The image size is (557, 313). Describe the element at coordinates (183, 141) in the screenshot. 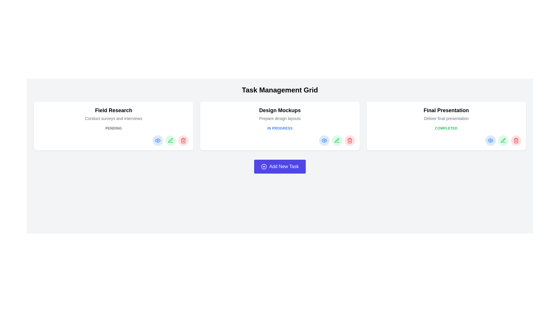

I see `the red trash bin icon located in the 'Field Research' card` at that location.